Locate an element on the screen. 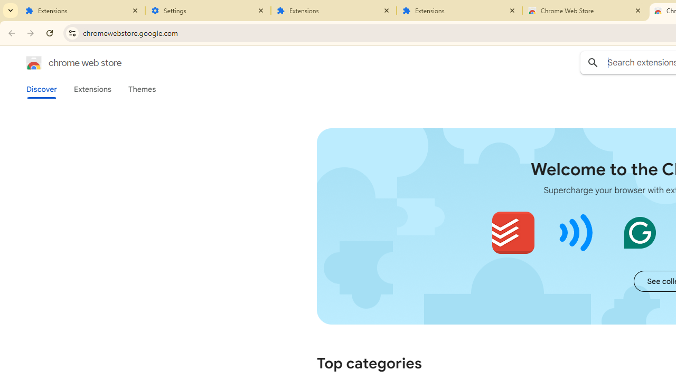  'Grammarly: AI Writing and Grammar Checker App' is located at coordinates (639, 232).